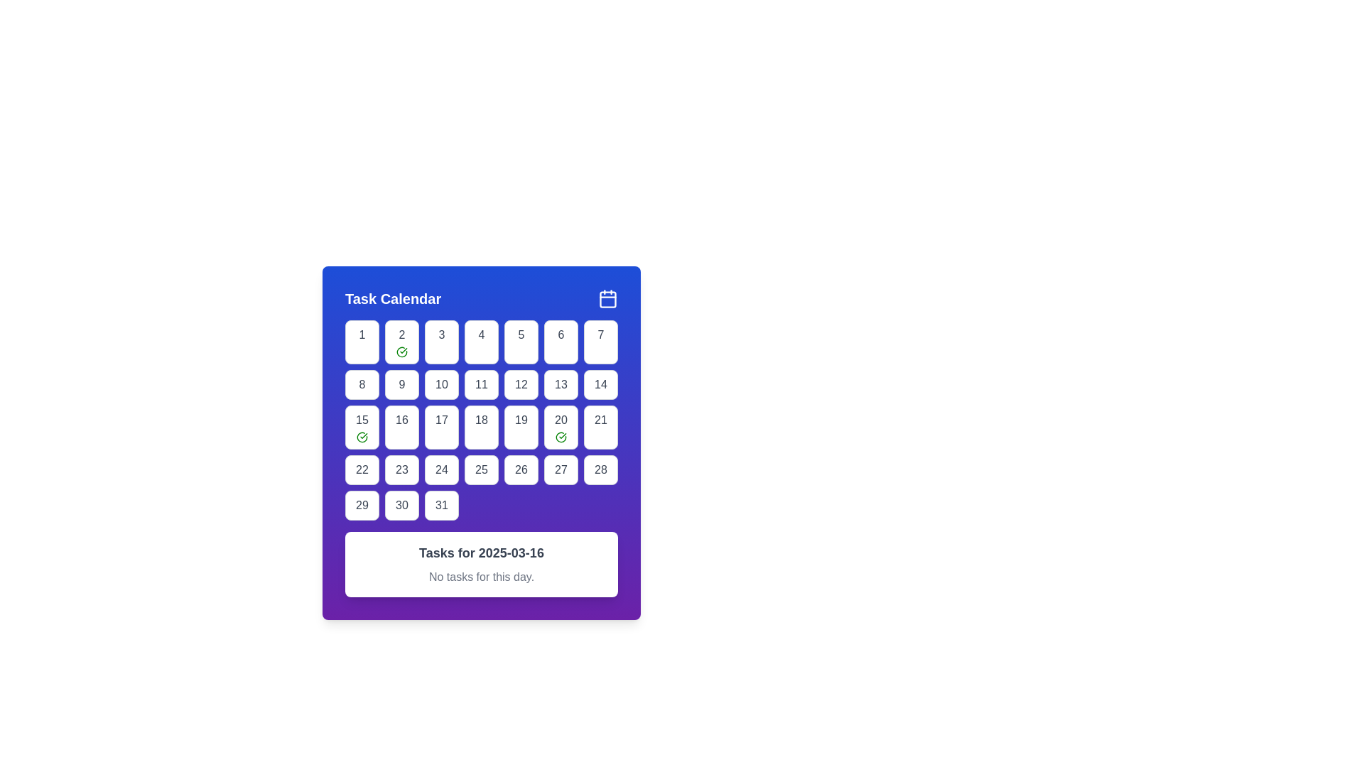 The image size is (1364, 767). Describe the element at coordinates (481, 577) in the screenshot. I see `informational label indicating that there are no scheduled tasks for the selected day, located below the heading 'Tasks for 2025-03-16' in the task calendar section` at that location.